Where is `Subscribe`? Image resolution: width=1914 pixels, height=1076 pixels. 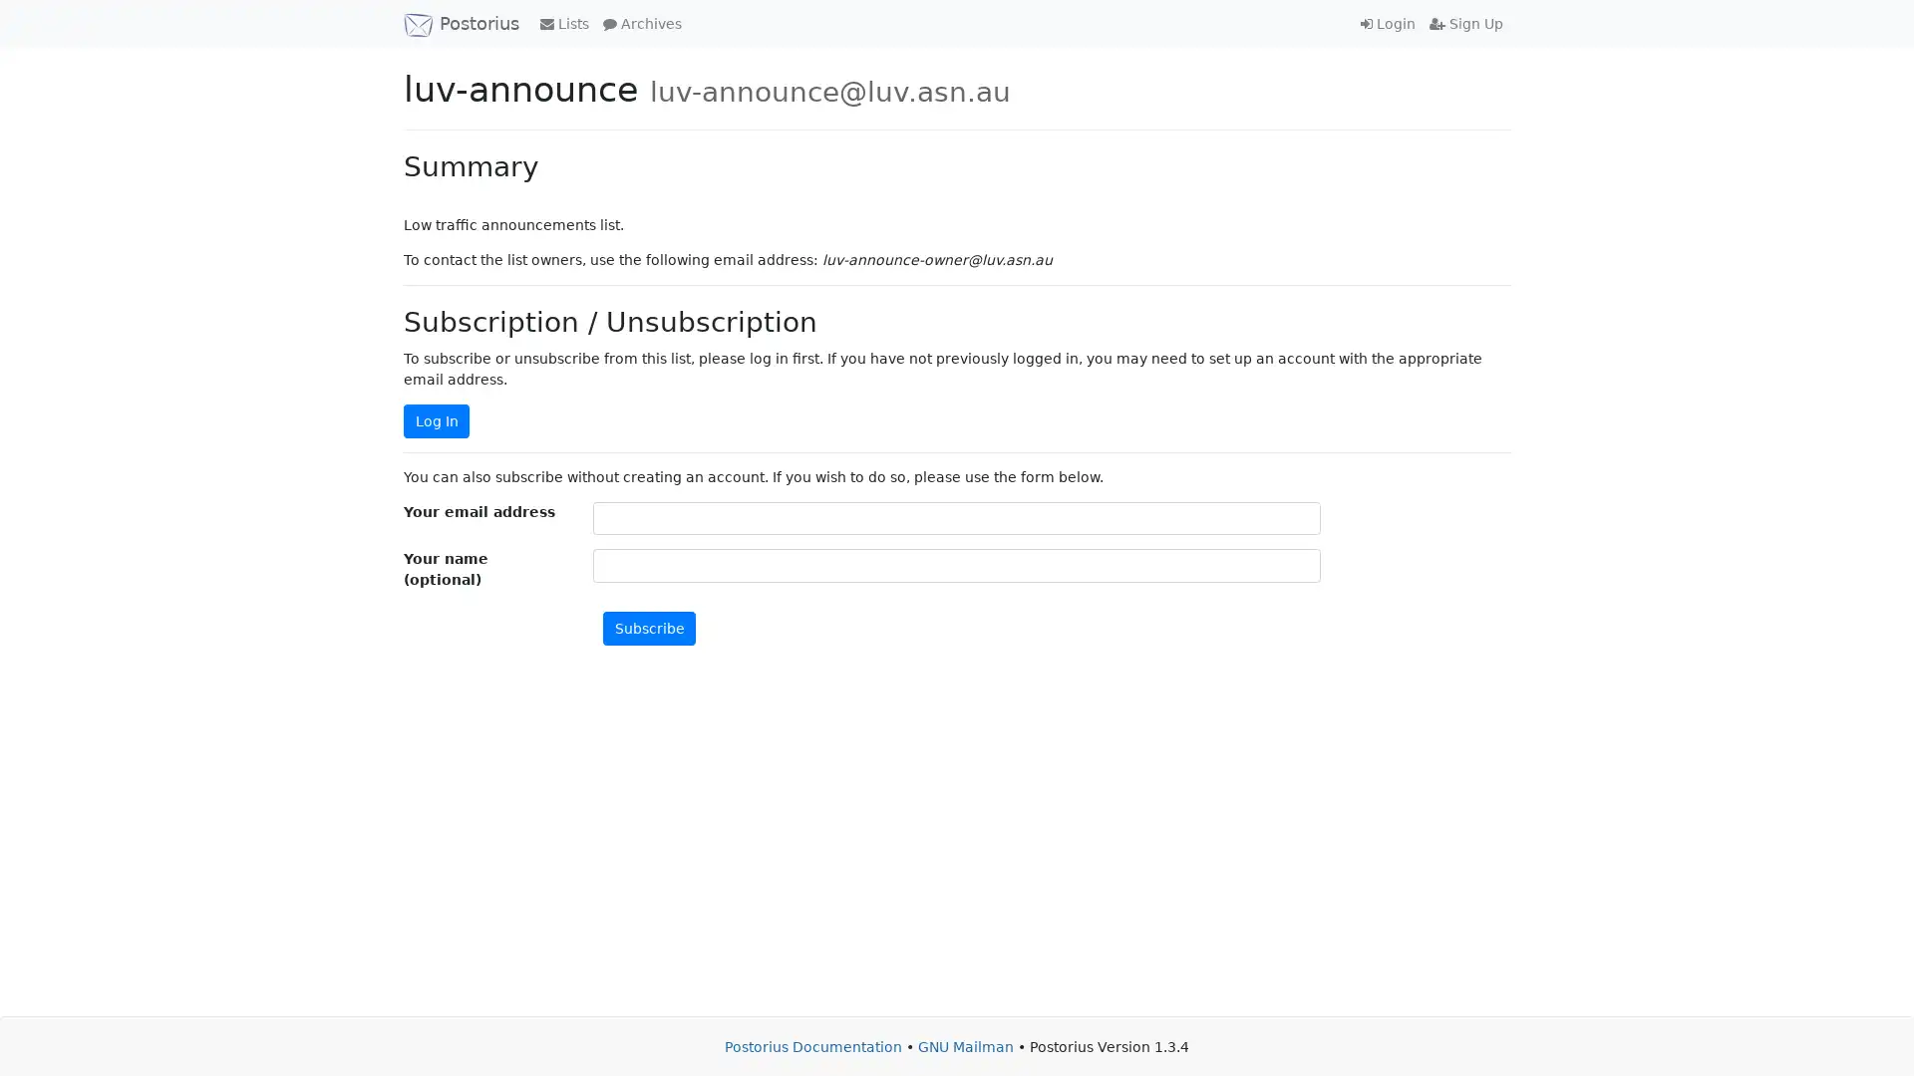
Subscribe is located at coordinates (649, 628).